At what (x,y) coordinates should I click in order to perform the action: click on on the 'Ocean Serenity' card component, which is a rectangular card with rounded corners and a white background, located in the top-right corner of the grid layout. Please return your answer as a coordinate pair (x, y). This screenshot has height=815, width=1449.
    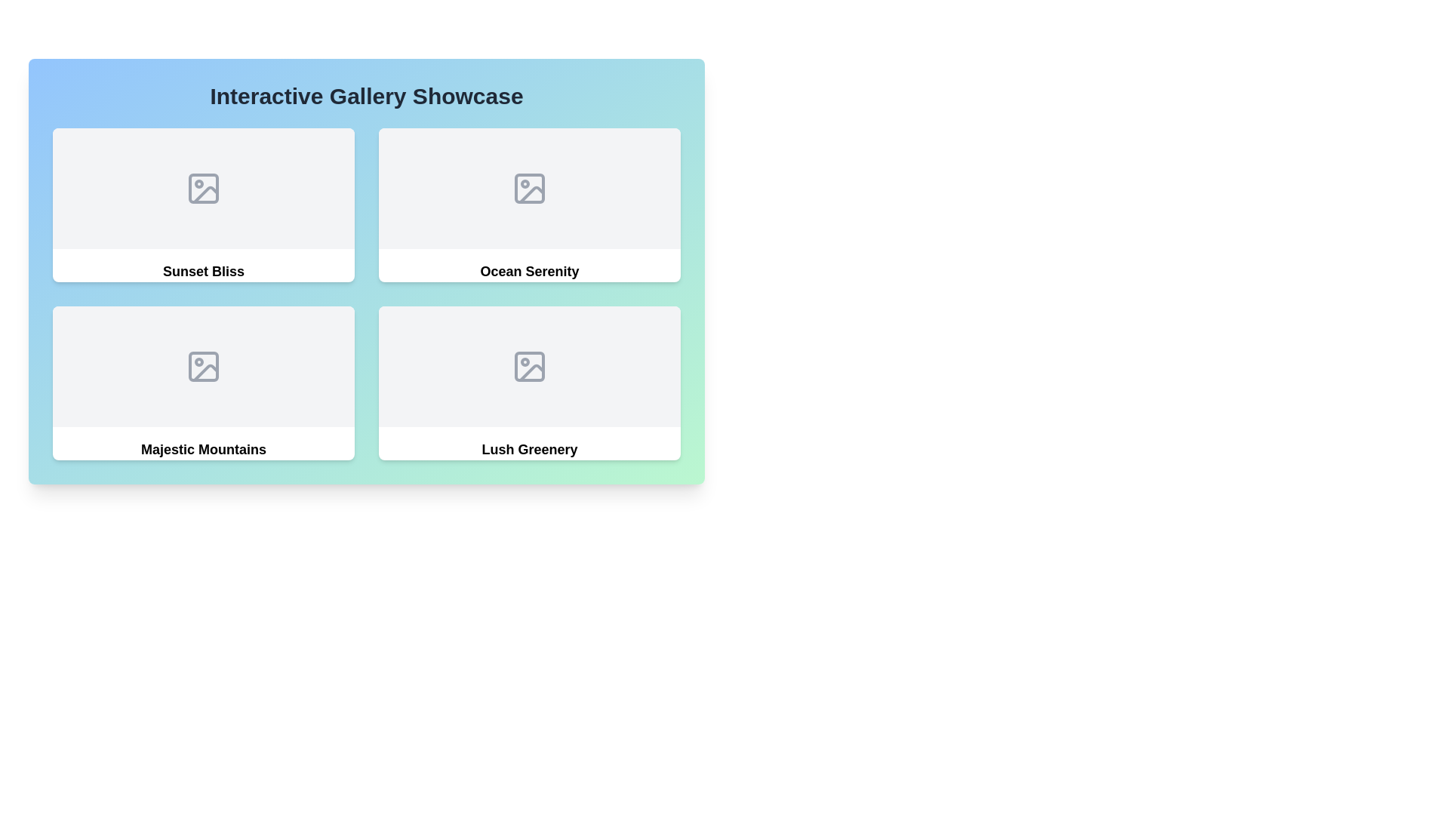
    Looking at the image, I should click on (529, 205).